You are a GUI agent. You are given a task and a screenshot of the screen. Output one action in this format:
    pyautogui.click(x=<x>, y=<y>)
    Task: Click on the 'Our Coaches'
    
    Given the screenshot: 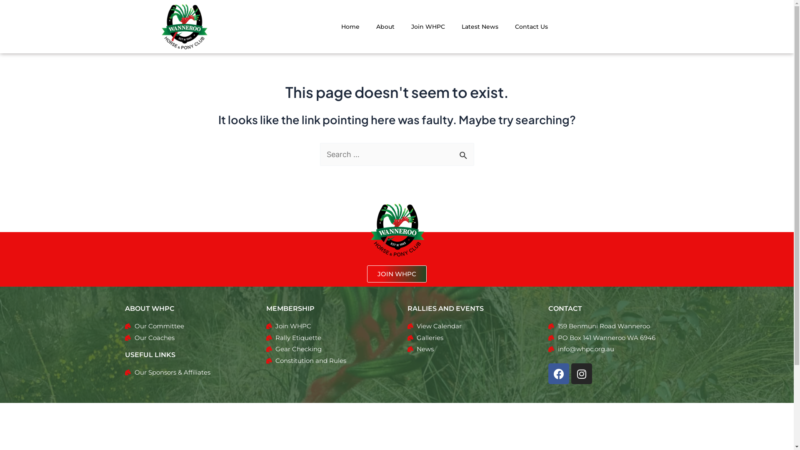 What is the action you would take?
    pyautogui.click(x=124, y=337)
    